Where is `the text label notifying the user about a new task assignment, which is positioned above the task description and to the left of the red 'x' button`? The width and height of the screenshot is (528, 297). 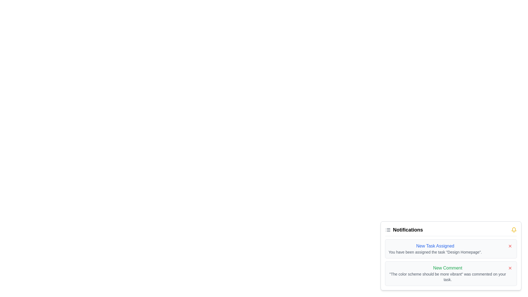
the text label notifying the user about a new task assignment, which is positioned above the task description and to the left of the red 'x' button is located at coordinates (435, 246).